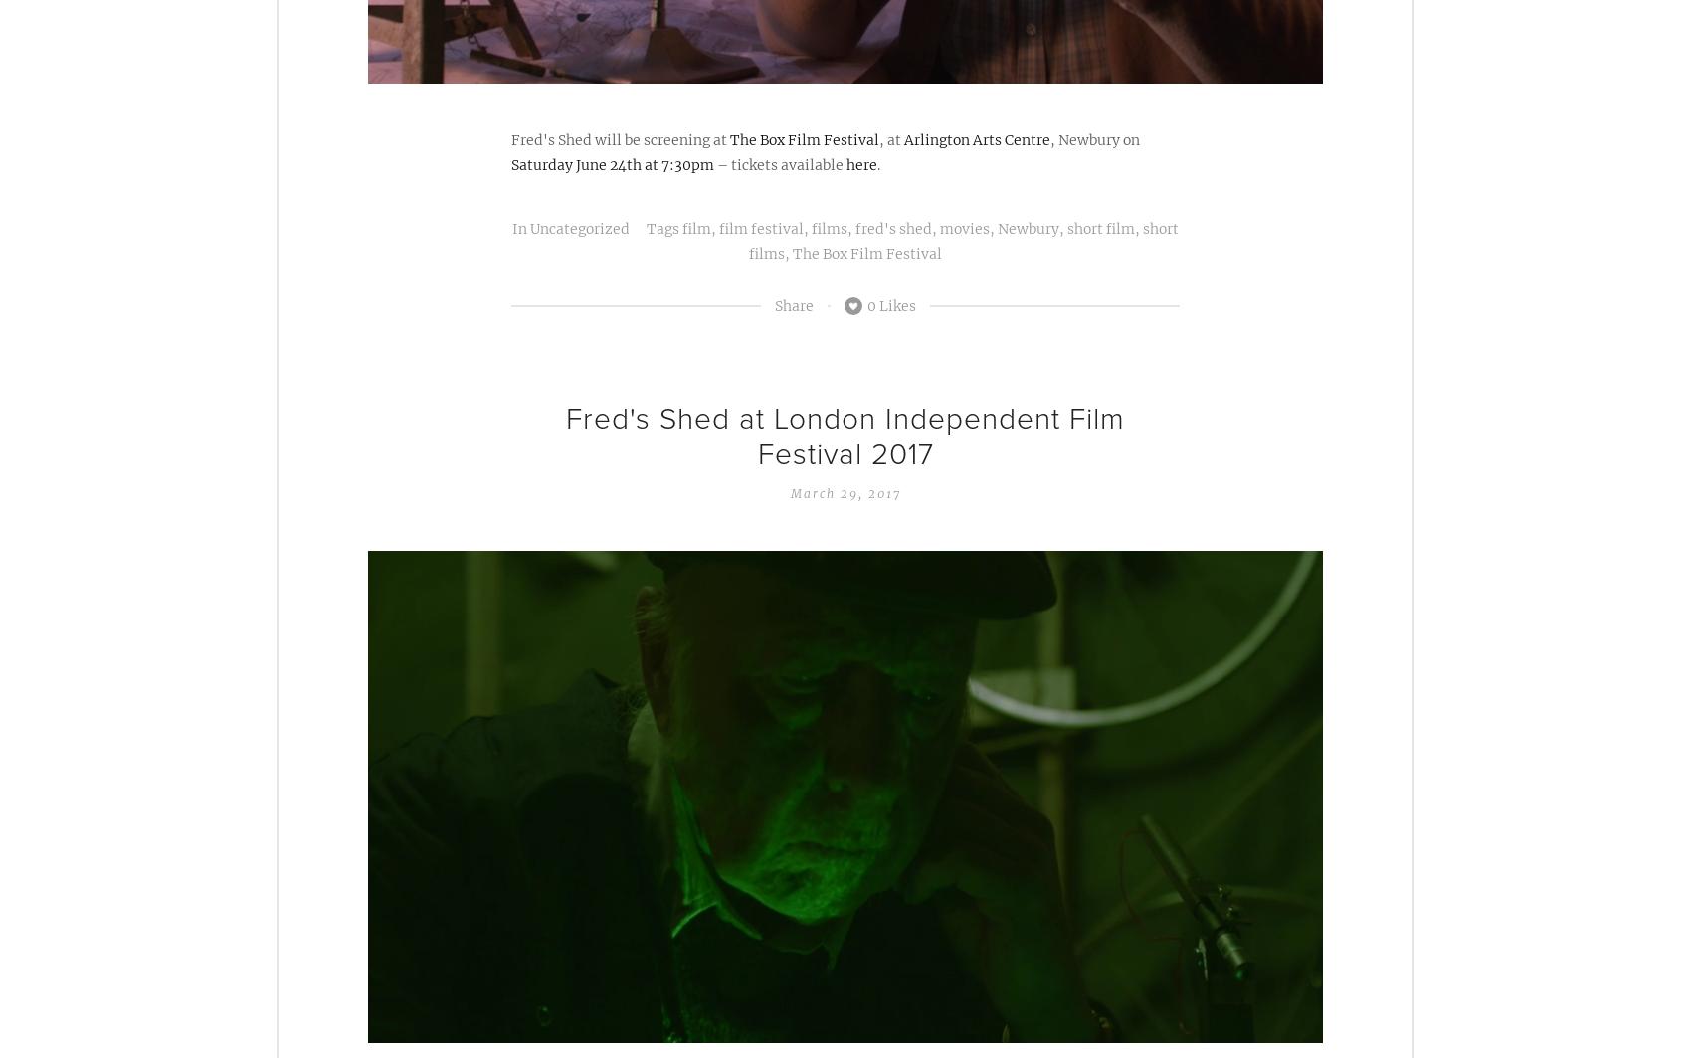 The width and height of the screenshot is (1691, 1058). Describe the element at coordinates (844, 493) in the screenshot. I see `'March 29, 2017'` at that location.